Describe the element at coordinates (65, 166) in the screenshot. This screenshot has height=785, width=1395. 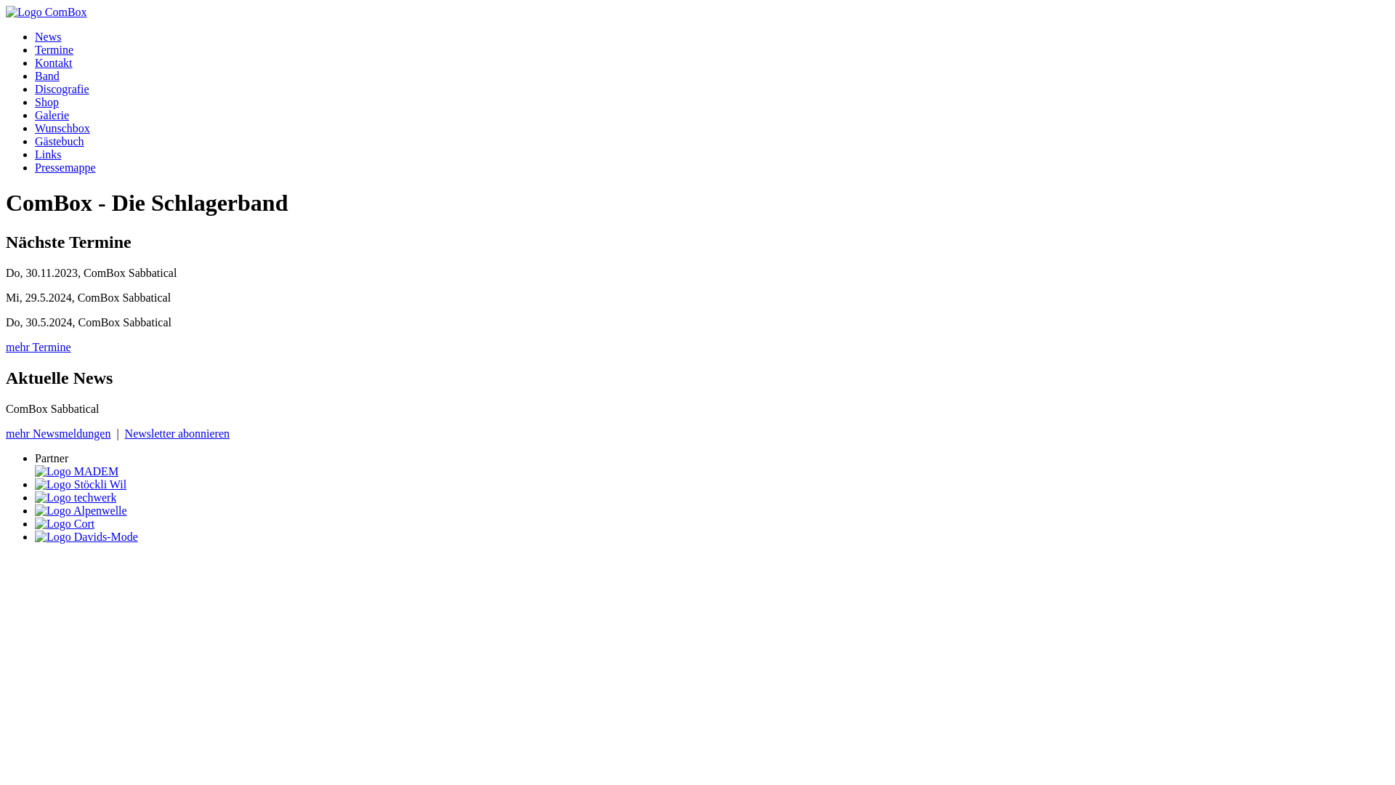
I see `'Pressemappe'` at that location.